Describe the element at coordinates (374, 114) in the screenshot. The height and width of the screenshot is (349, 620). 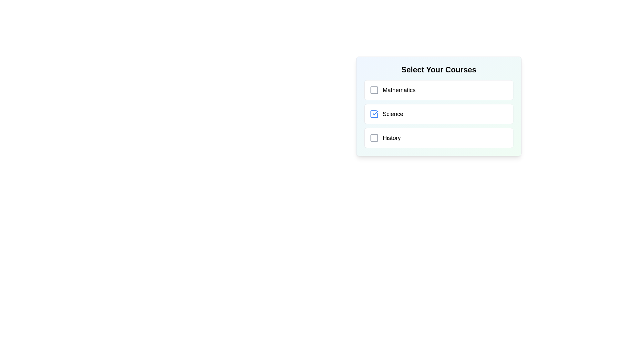
I see `the checked blue checkbox icon located to the left of the 'Science' label in the 'Select Your Courses' menu` at that location.